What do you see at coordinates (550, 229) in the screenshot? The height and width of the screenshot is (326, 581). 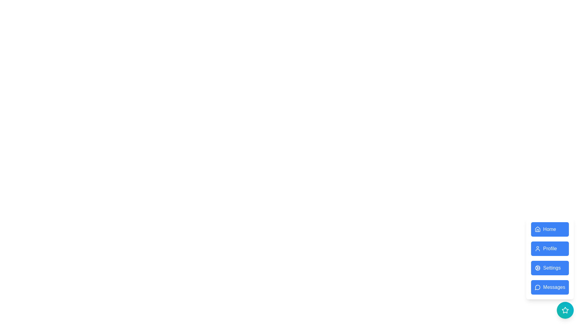 I see `the 'Home' text label within the button component, which is styled with white text on a blue background and is the first item in the vertical menu` at bounding box center [550, 229].